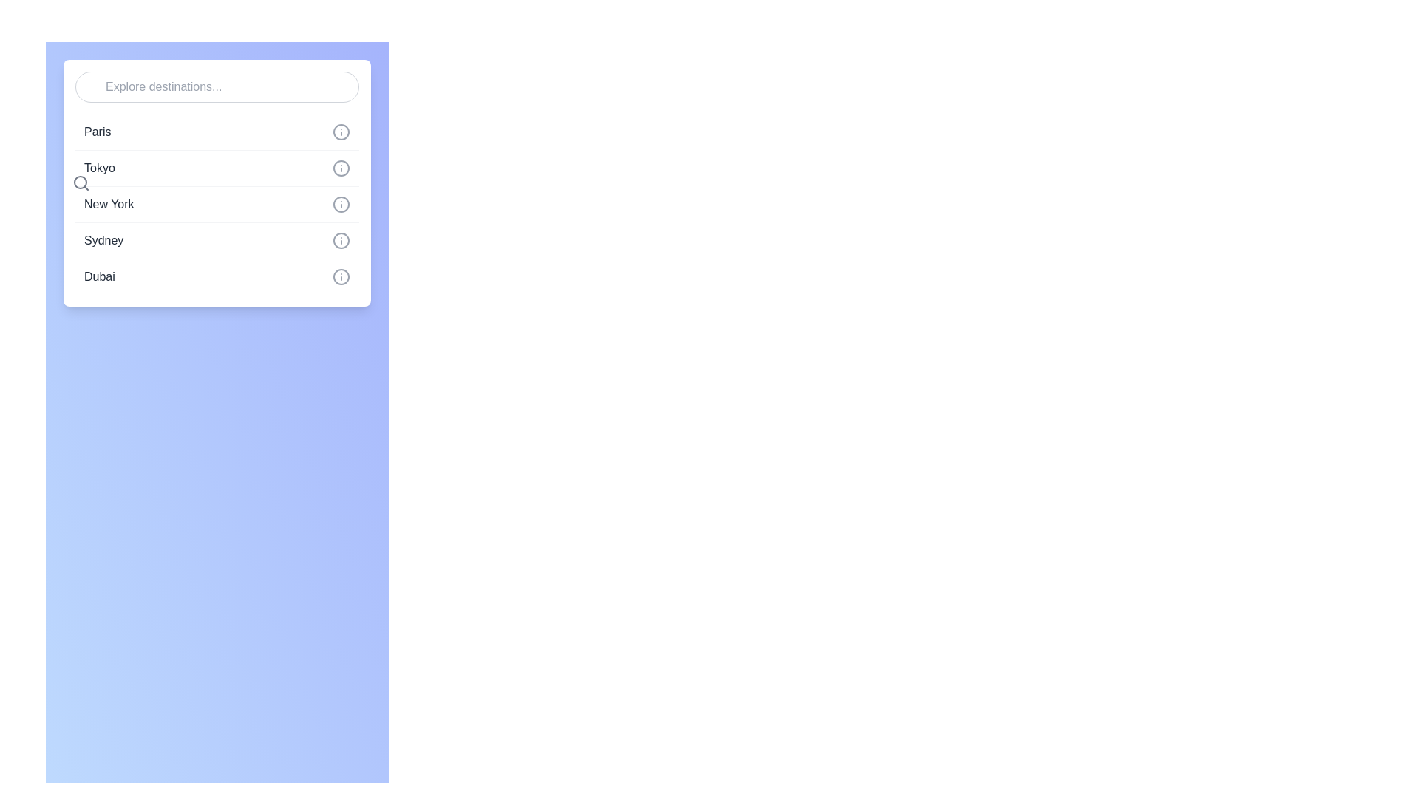 The image size is (1419, 798). Describe the element at coordinates (103, 240) in the screenshot. I see `the text label displaying 'Sydney' in dark gray, located in the fourth entry of the menu list items` at that location.